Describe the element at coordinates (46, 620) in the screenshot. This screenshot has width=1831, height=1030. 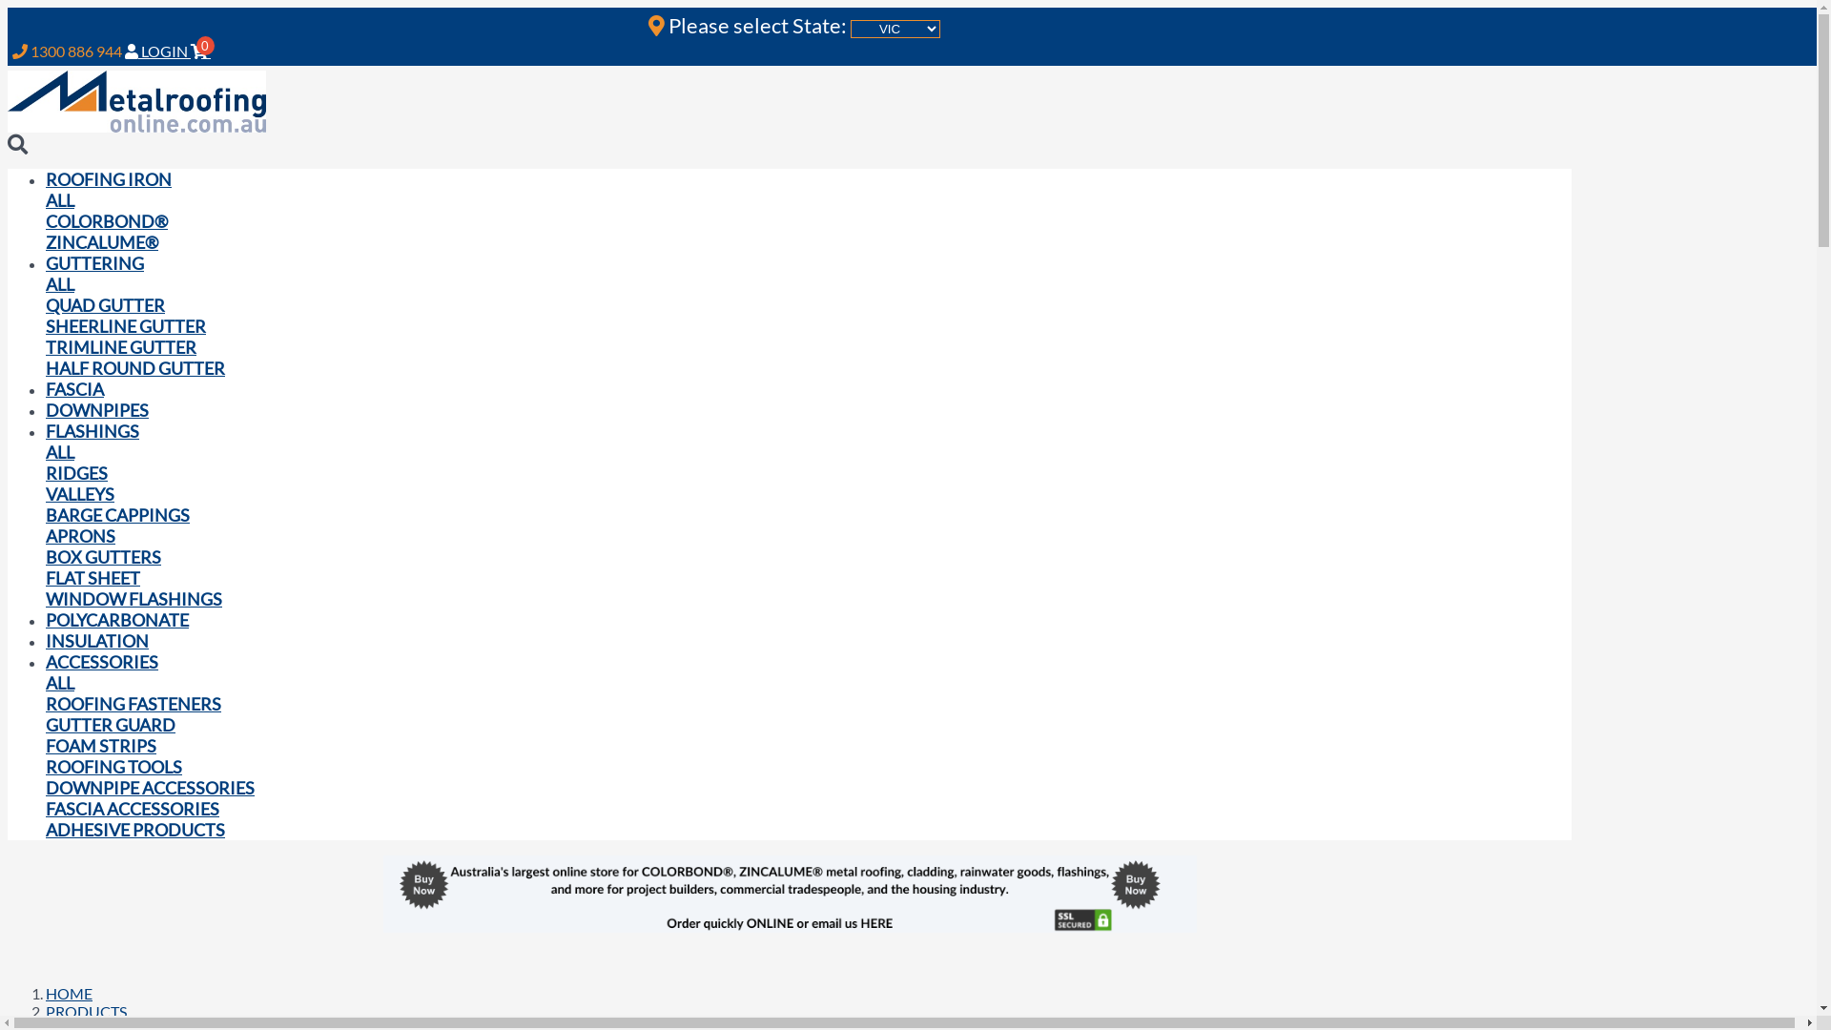
I see `'POLYCARBONATE'` at that location.